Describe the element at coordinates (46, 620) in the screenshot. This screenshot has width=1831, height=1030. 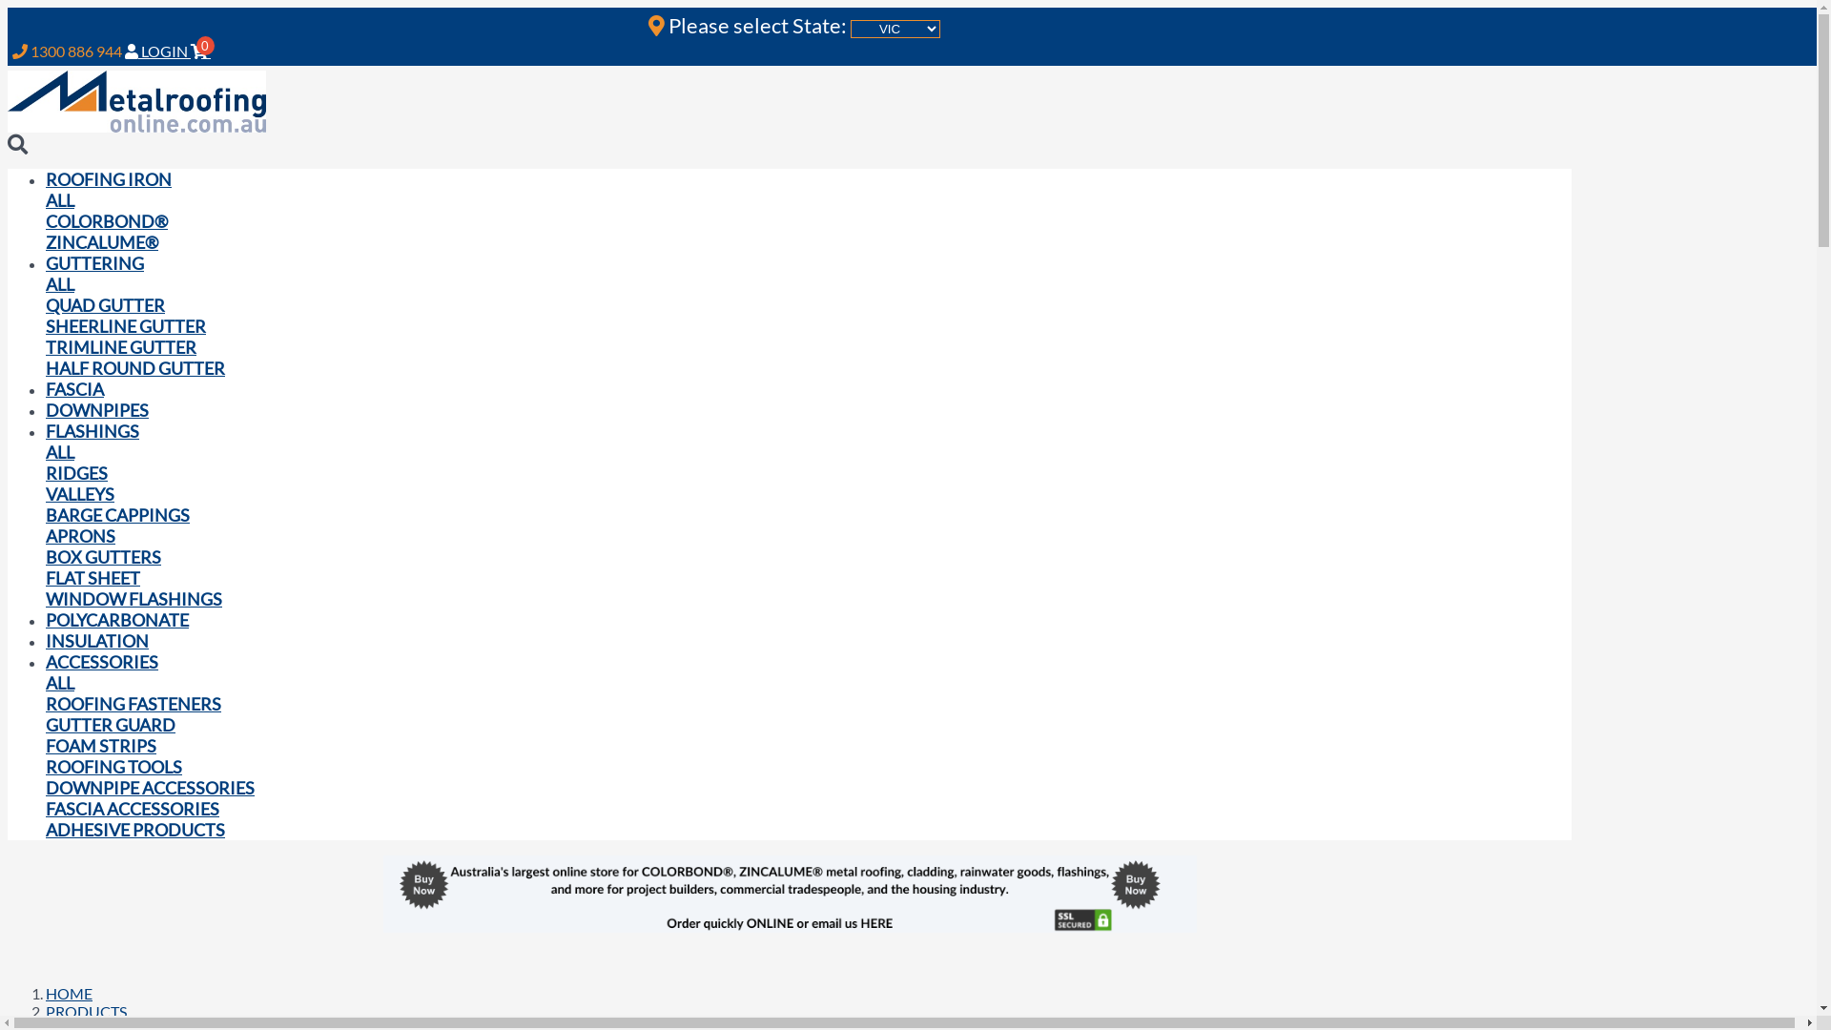
I see `'POLYCARBONATE'` at that location.